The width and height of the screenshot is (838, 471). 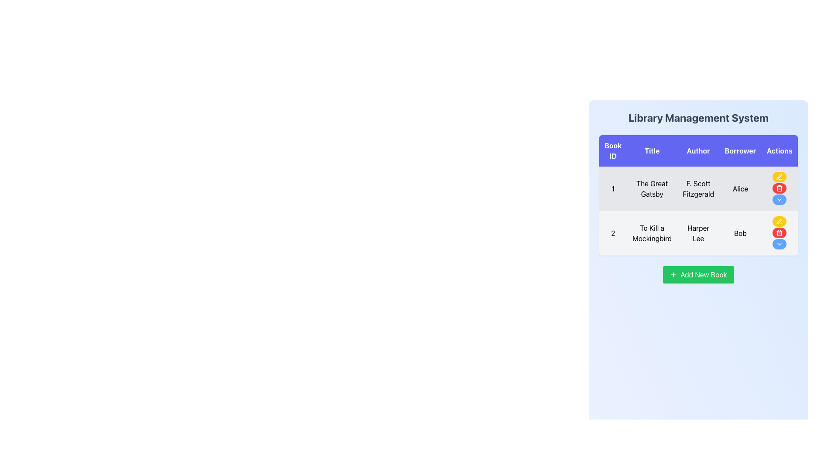 What do you see at coordinates (698, 233) in the screenshot?
I see `the Text Label displaying the author's name for the book 'To Kill a Mockingbird', located in the third column of the second row under the 'Author' heading` at bounding box center [698, 233].